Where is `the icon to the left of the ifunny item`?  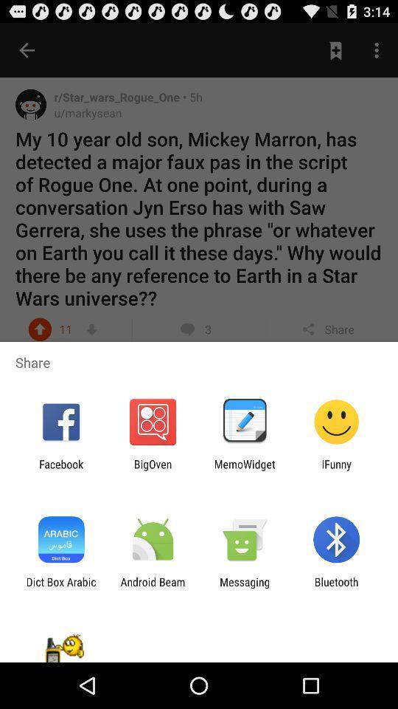 the icon to the left of the ifunny item is located at coordinates (245, 470).